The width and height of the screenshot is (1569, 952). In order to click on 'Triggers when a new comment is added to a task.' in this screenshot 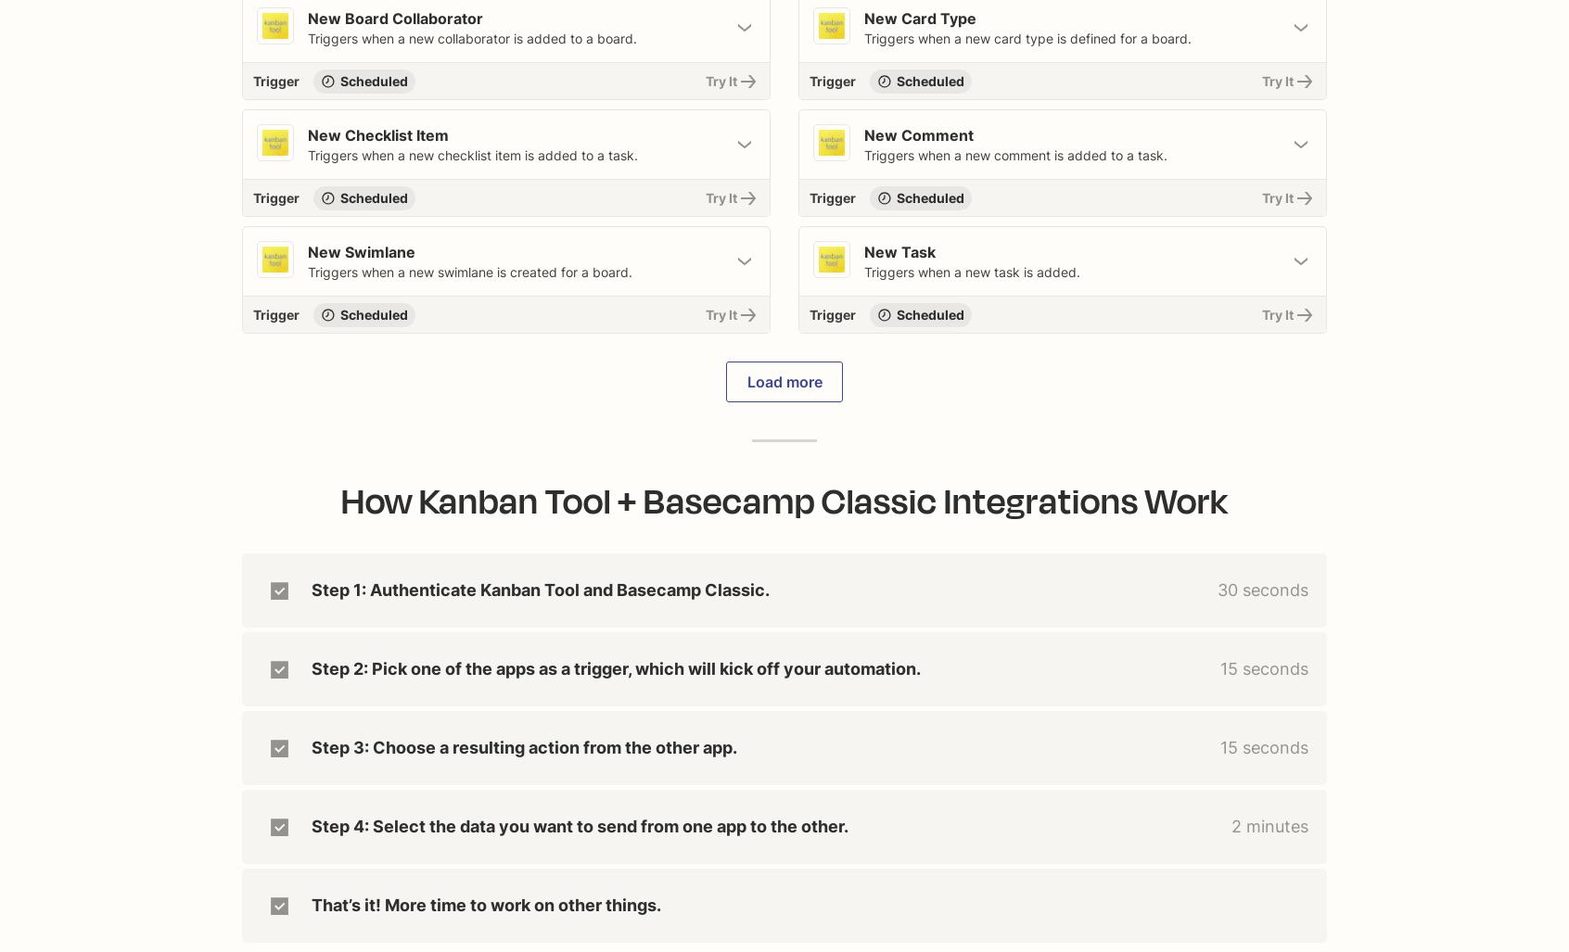, I will do `click(1015, 155)`.